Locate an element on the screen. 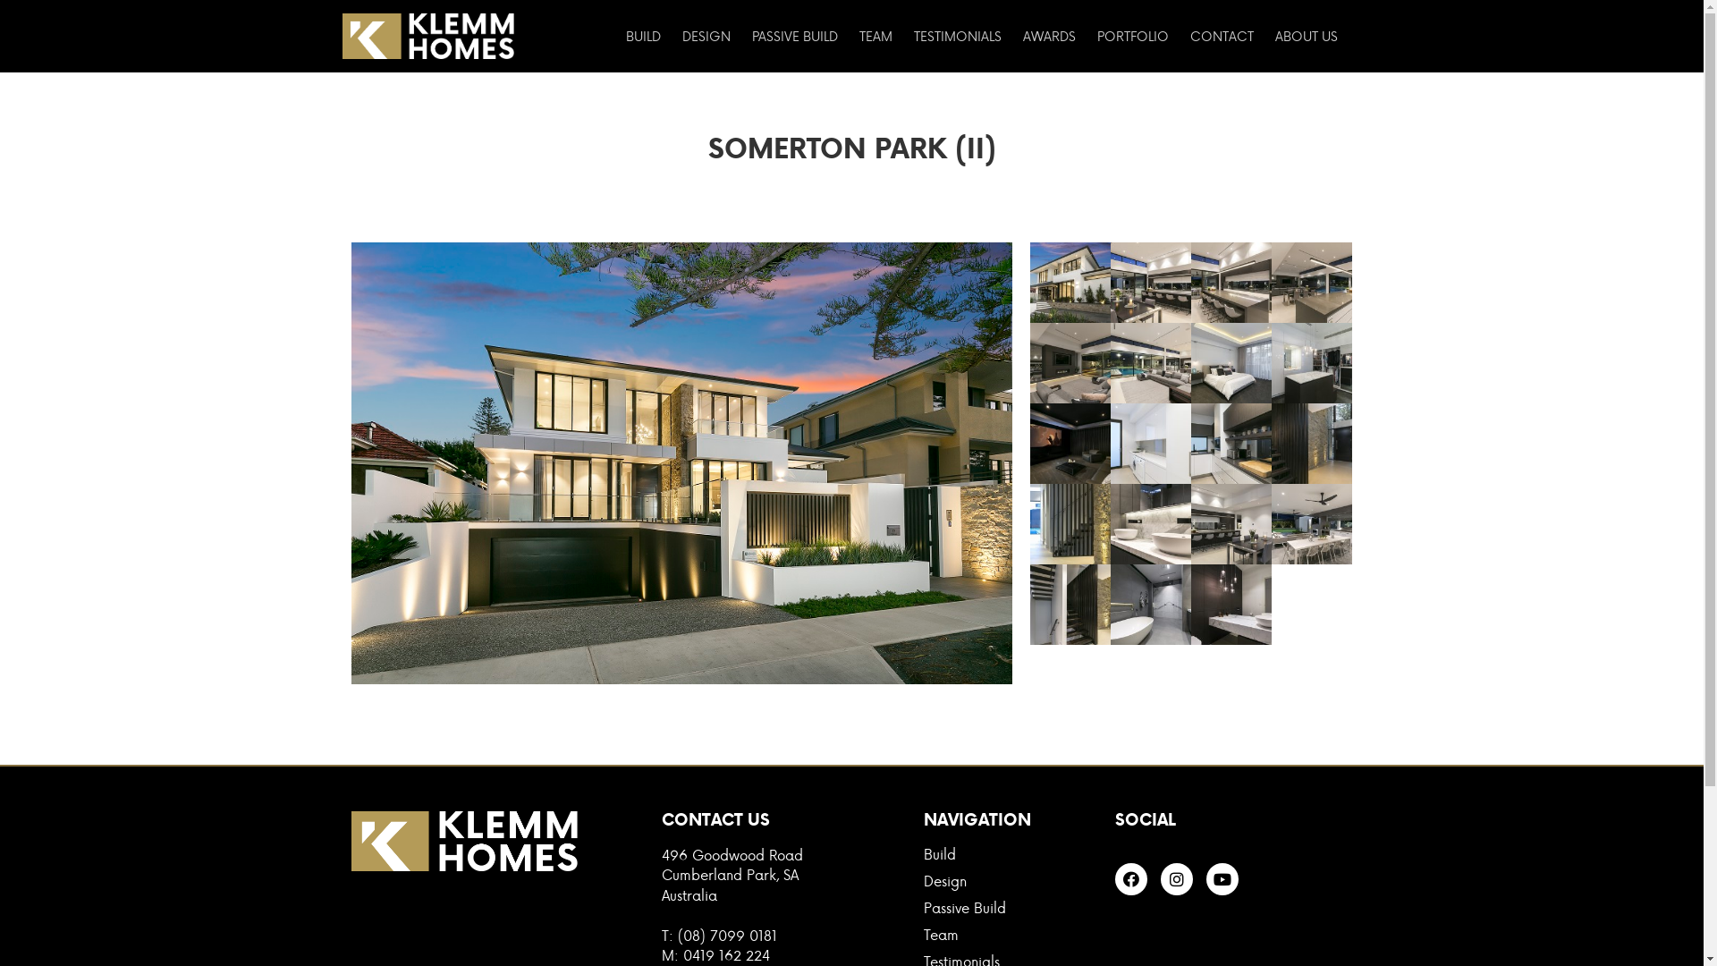 The width and height of the screenshot is (1717, 966). '0419 162 224' is located at coordinates (726, 953).